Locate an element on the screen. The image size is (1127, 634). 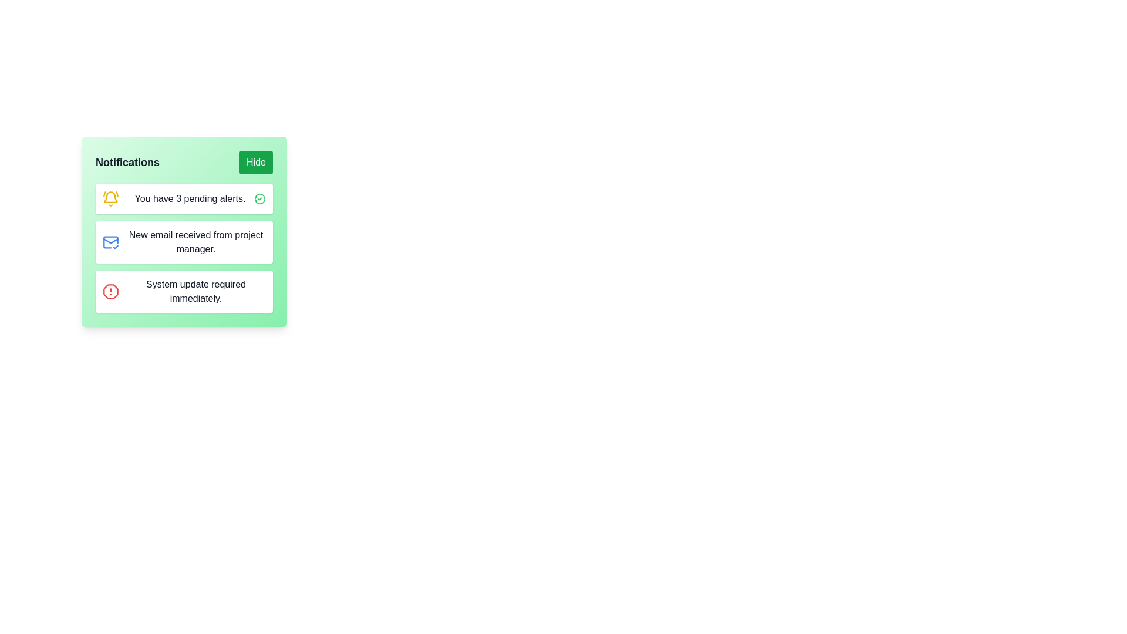
the confirmation icon located at the far-right of the notification card that states 'You have 3 pending alerts.' is located at coordinates (259, 198).